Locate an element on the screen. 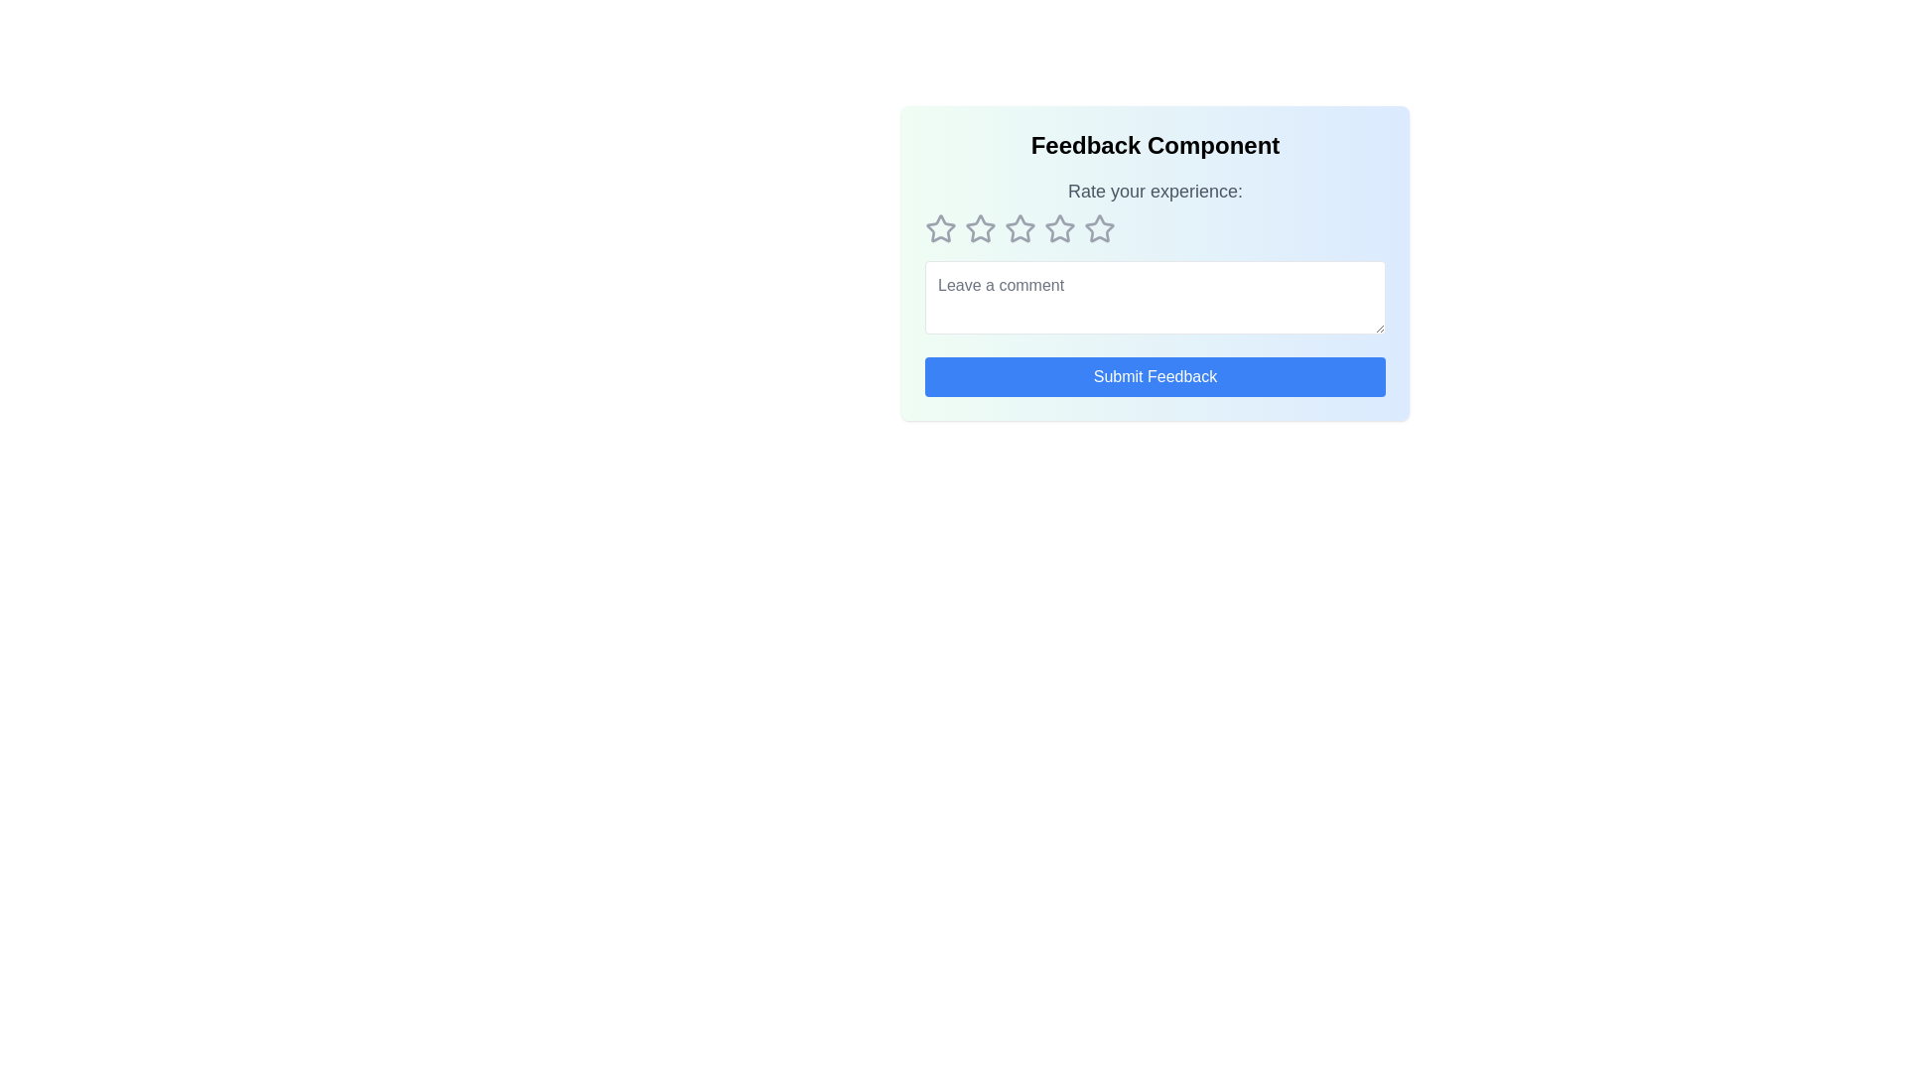 This screenshot has width=1906, height=1072. the second star-shaped icon in the rating system is located at coordinates (981, 227).